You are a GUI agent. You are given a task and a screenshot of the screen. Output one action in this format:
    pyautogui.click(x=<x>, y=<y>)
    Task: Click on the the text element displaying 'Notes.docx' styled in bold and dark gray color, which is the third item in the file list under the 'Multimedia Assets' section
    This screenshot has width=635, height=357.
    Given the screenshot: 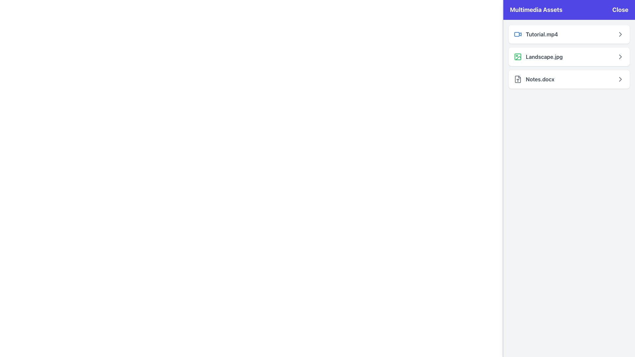 What is the action you would take?
    pyautogui.click(x=540, y=79)
    